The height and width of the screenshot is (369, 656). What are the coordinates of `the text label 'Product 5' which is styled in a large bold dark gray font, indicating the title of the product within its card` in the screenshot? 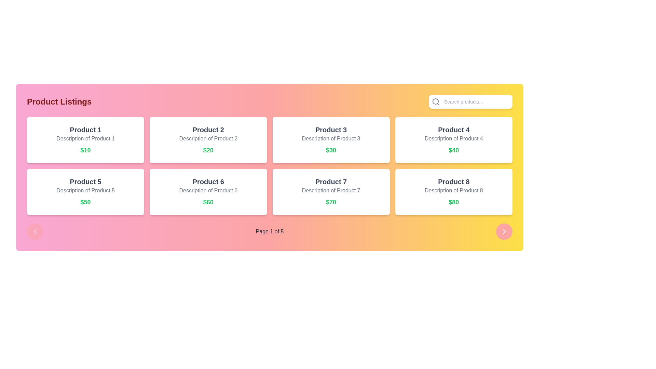 It's located at (85, 181).